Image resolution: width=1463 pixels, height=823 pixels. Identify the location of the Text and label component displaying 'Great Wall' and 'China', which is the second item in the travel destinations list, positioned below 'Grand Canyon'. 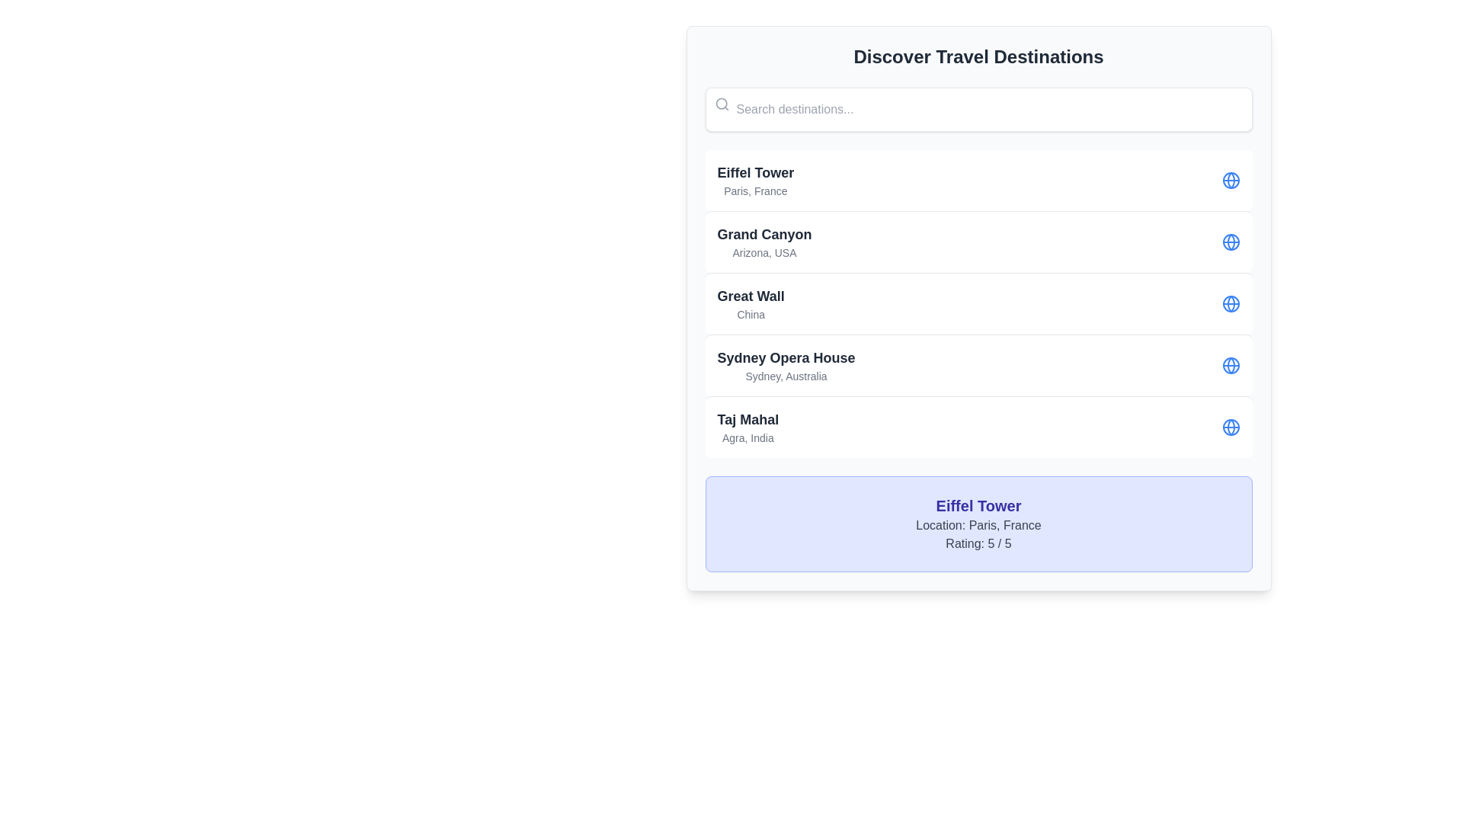
(751, 303).